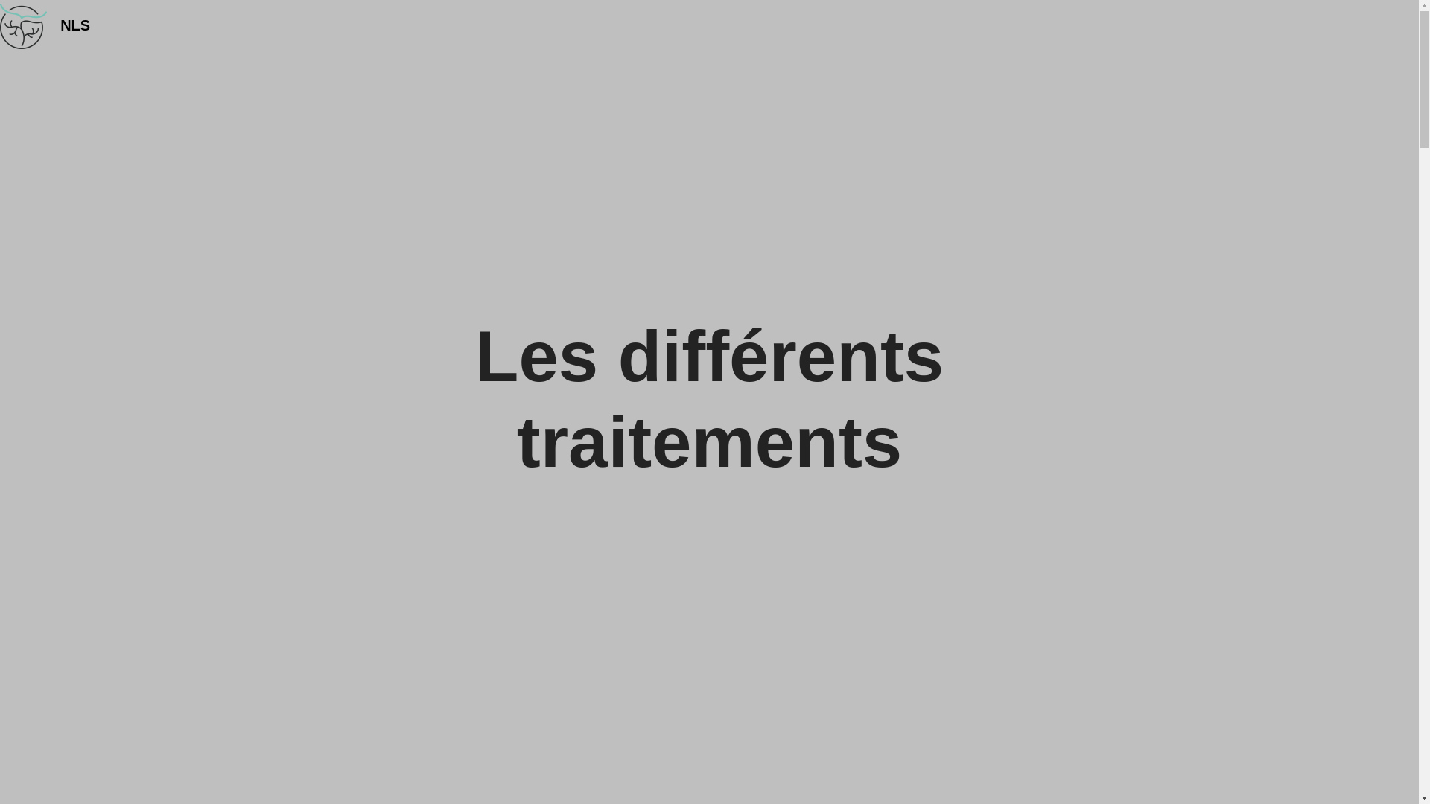 The height and width of the screenshot is (804, 1430). Describe the element at coordinates (60, 25) in the screenshot. I see `'NLS'` at that location.